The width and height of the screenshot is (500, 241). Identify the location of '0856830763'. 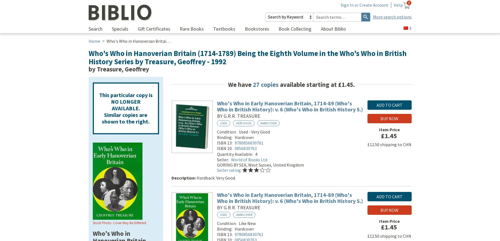
(234, 149).